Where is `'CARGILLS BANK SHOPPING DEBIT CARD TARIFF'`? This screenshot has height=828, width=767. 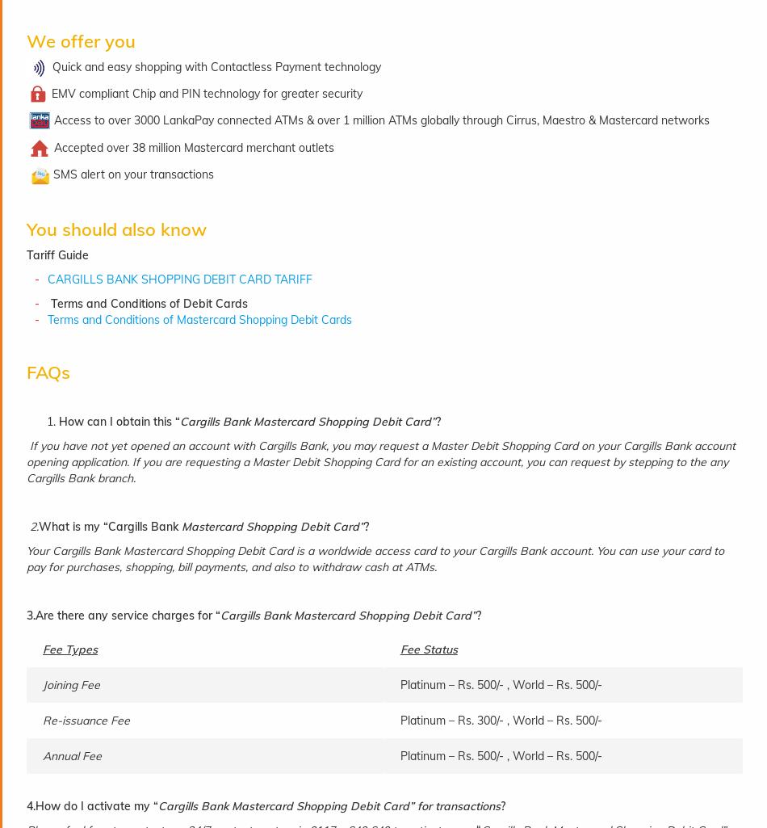
'CARGILLS BANK SHOPPING DEBIT CARD TARIFF' is located at coordinates (179, 278).